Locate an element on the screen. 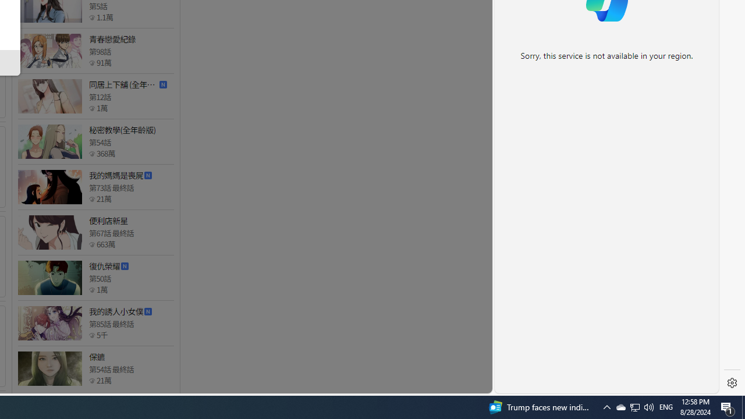 This screenshot has width=745, height=419. 'Class: thumb_img' is located at coordinates (49, 368).